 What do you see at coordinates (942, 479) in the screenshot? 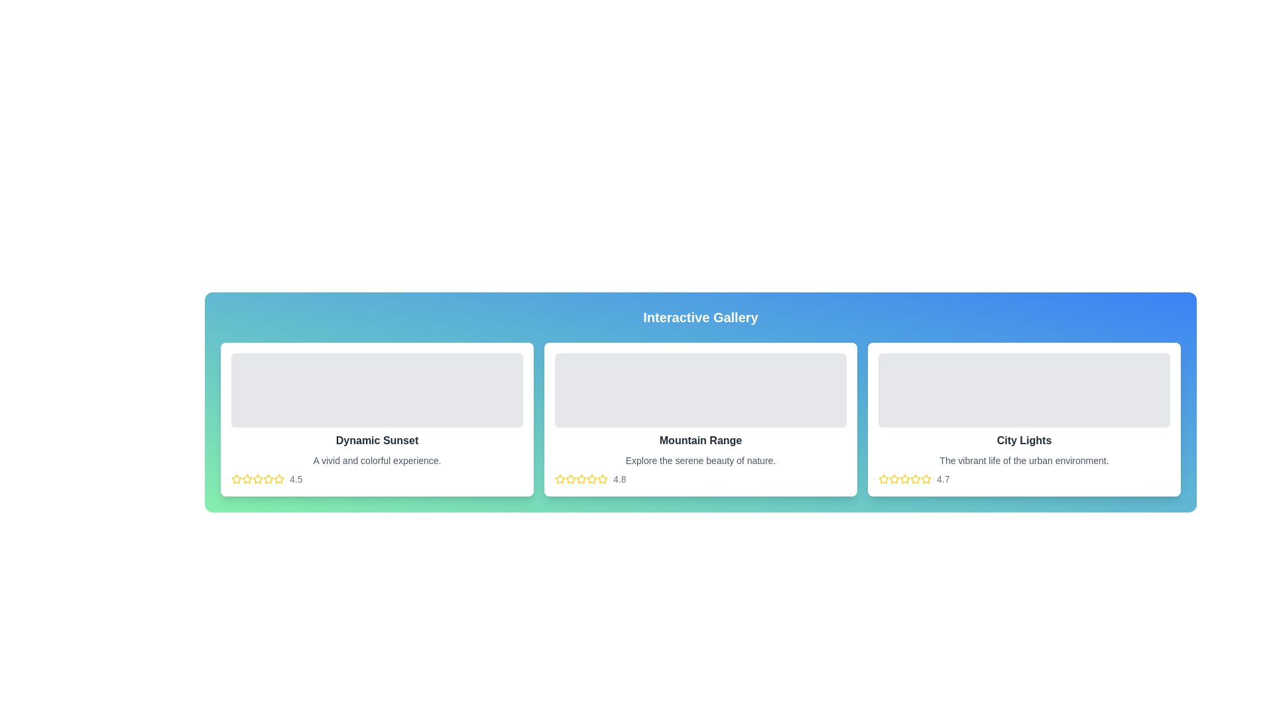
I see `numerical rating value displayed in the bottom-right corner of the 'City Lights' card, adjacent to the star rating system` at bounding box center [942, 479].